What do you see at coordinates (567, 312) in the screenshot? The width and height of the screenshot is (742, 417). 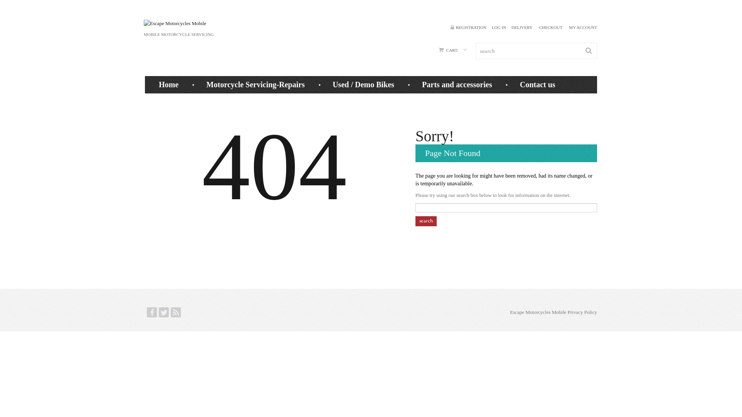 I see `'Privacy Policy'` at bounding box center [567, 312].